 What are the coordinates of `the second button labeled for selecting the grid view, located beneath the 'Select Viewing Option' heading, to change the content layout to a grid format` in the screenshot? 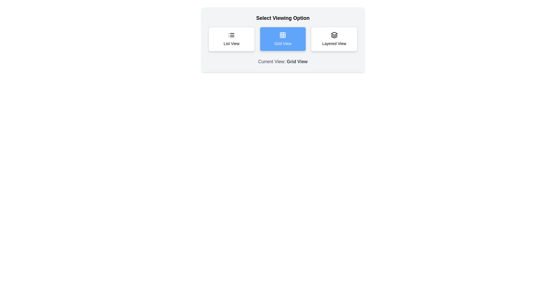 It's located at (283, 39).